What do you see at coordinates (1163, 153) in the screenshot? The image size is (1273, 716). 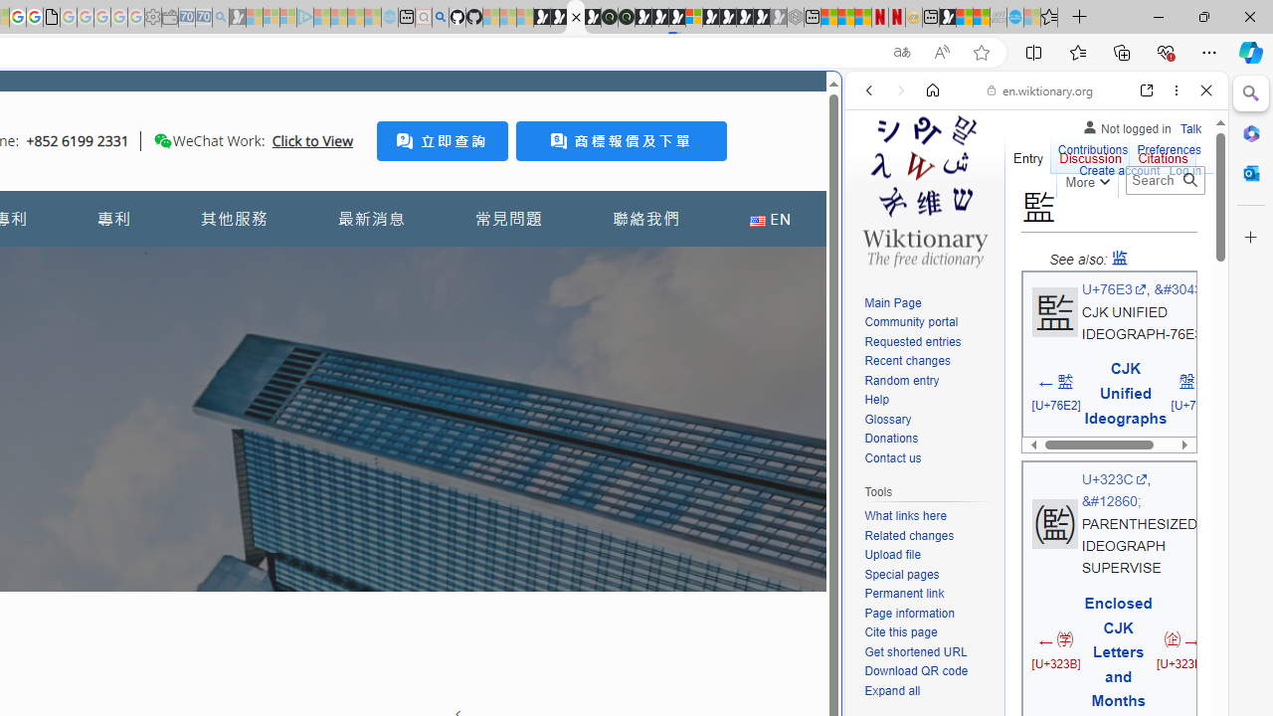 I see `'Citations'` at bounding box center [1163, 153].